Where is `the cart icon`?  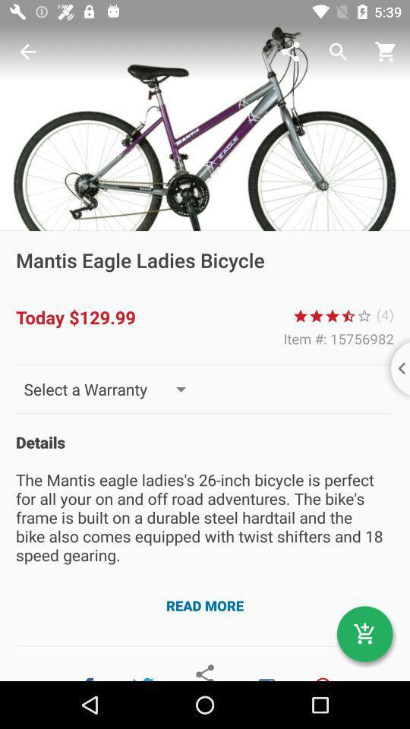
the cart icon is located at coordinates (364, 634).